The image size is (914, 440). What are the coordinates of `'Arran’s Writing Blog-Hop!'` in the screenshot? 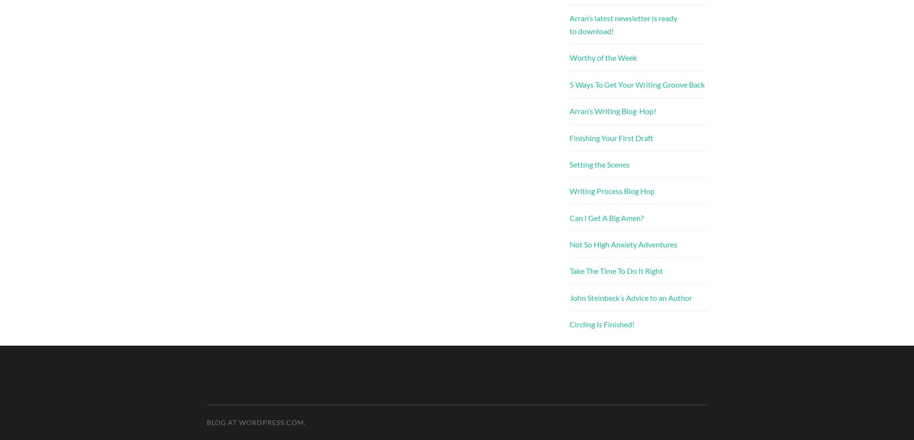 It's located at (612, 110).